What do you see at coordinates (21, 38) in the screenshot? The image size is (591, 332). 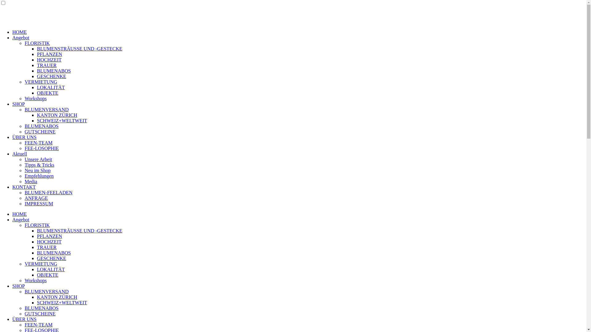 I see `'Angebot'` at bounding box center [21, 38].